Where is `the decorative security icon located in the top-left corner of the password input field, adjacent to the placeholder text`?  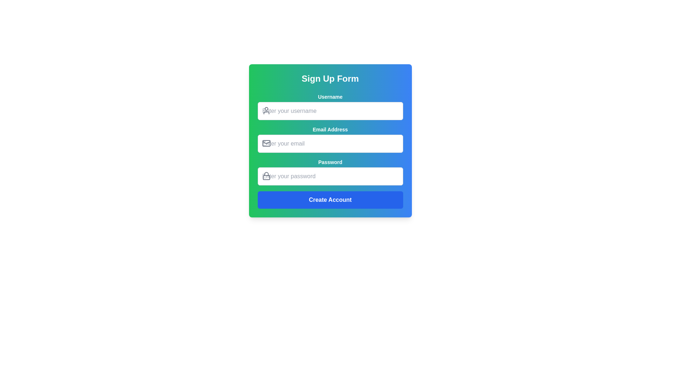
the decorative security icon located in the top-left corner of the password input field, adjacent to the placeholder text is located at coordinates (266, 176).